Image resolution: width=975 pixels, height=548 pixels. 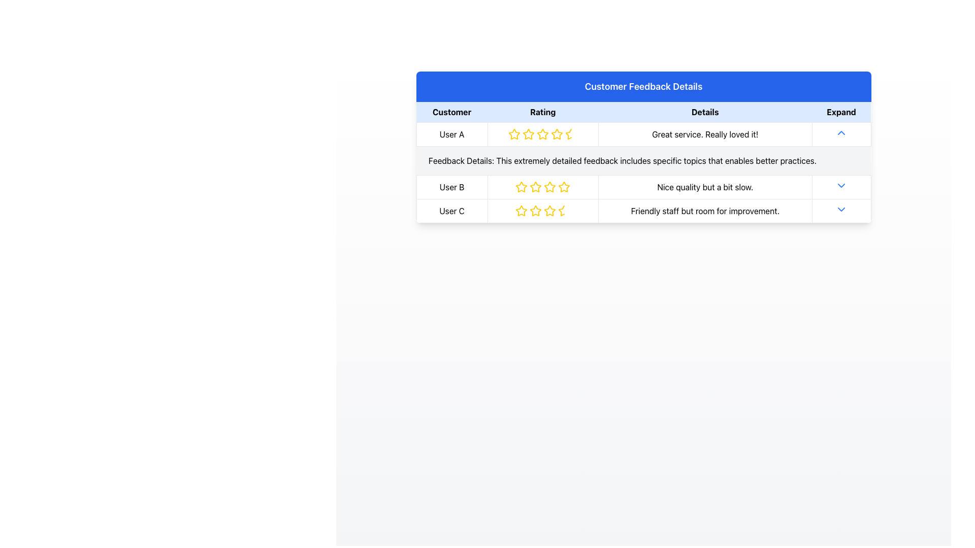 I want to click on the first star icon in the rating section of the third row for 'User C', so click(x=522, y=211).